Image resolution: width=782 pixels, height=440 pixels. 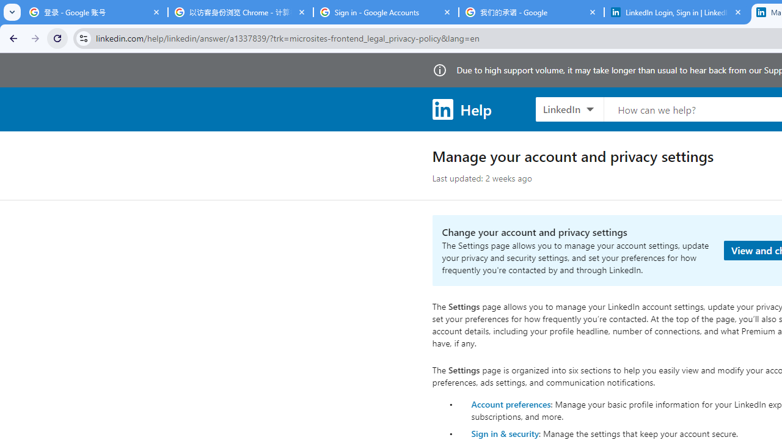 What do you see at coordinates (461, 108) in the screenshot?
I see `'Help'` at bounding box center [461, 108].